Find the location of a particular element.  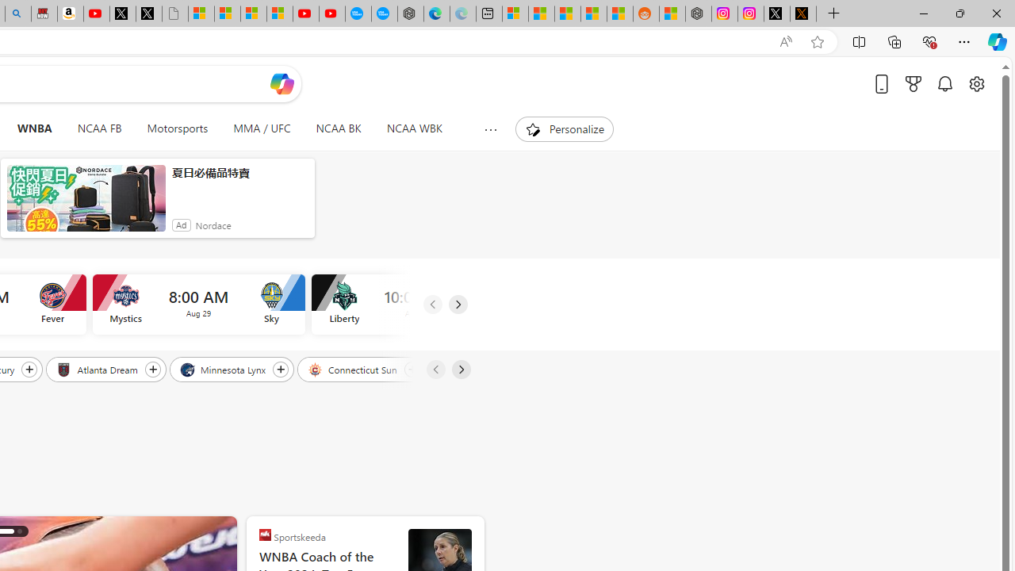

'The most popular Google ' is located at coordinates (384, 13).